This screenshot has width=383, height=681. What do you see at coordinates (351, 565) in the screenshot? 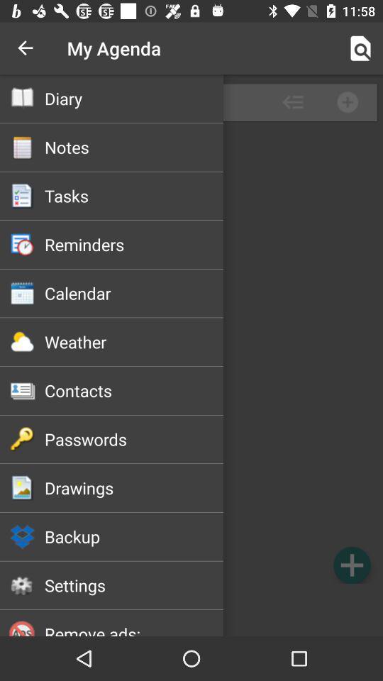
I see `agenda option` at bounding box center [351, 565].